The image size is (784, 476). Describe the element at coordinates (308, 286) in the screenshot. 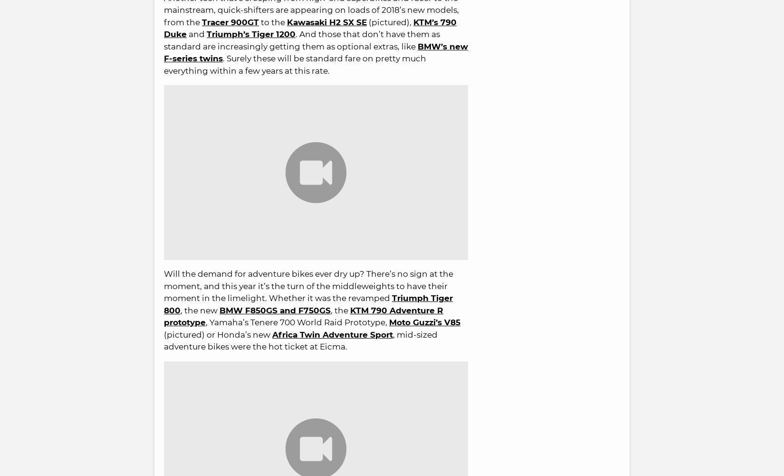

I see `'Will the demand for adventure bikes ever dry up? There’s no sign at the moment, and this year it’s the turn of the middleweights to have their moment in the limelight. Whether it was the revamped'` at that location.